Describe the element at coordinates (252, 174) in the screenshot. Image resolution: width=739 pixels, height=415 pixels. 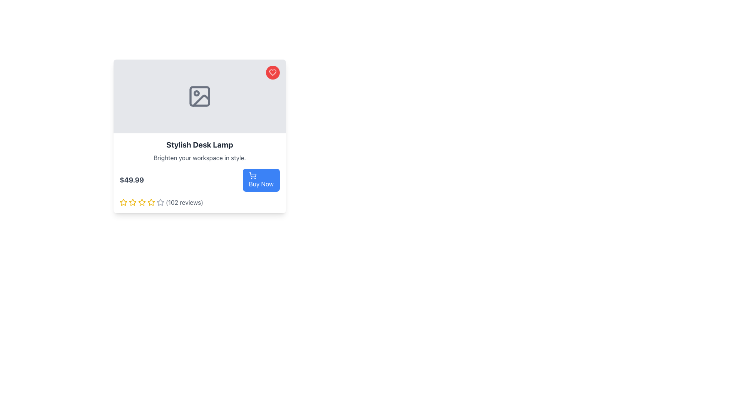
I see `the basket portion of the shopping cart icon located in the 'Buy Now' button area` at that location.